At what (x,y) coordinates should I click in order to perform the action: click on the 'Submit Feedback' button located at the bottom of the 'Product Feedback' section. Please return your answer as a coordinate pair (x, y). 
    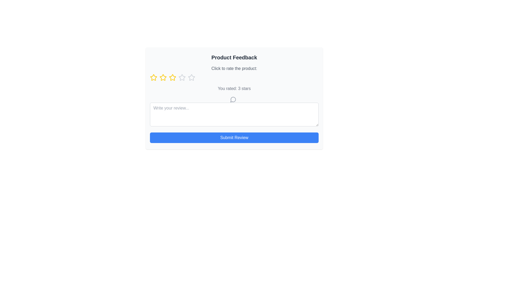
    Looking at the image, I should click on (234, 137).